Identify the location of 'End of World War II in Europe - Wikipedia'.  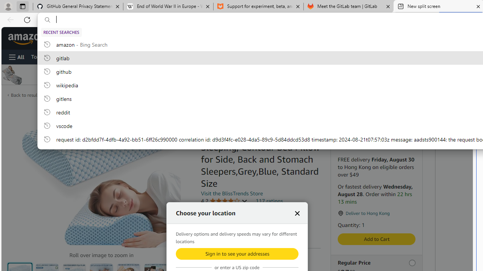
(168, 6).